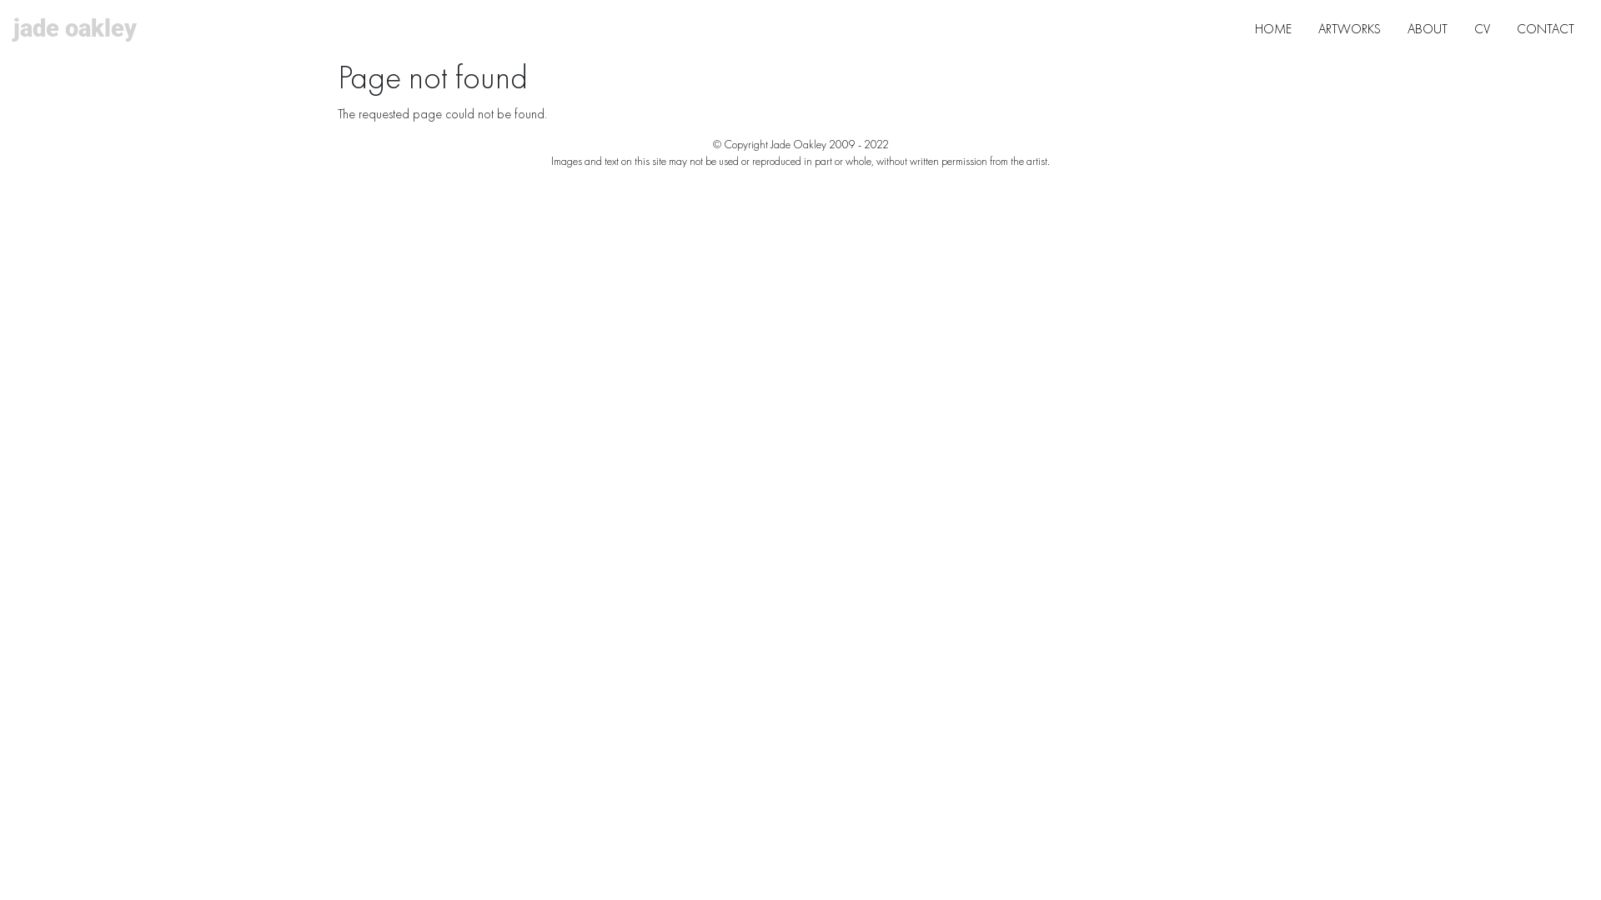  What do you see at coordinates (791, 1) in the screenshot?
I see `'Skip to main content'` at bounding box center [791, 1].